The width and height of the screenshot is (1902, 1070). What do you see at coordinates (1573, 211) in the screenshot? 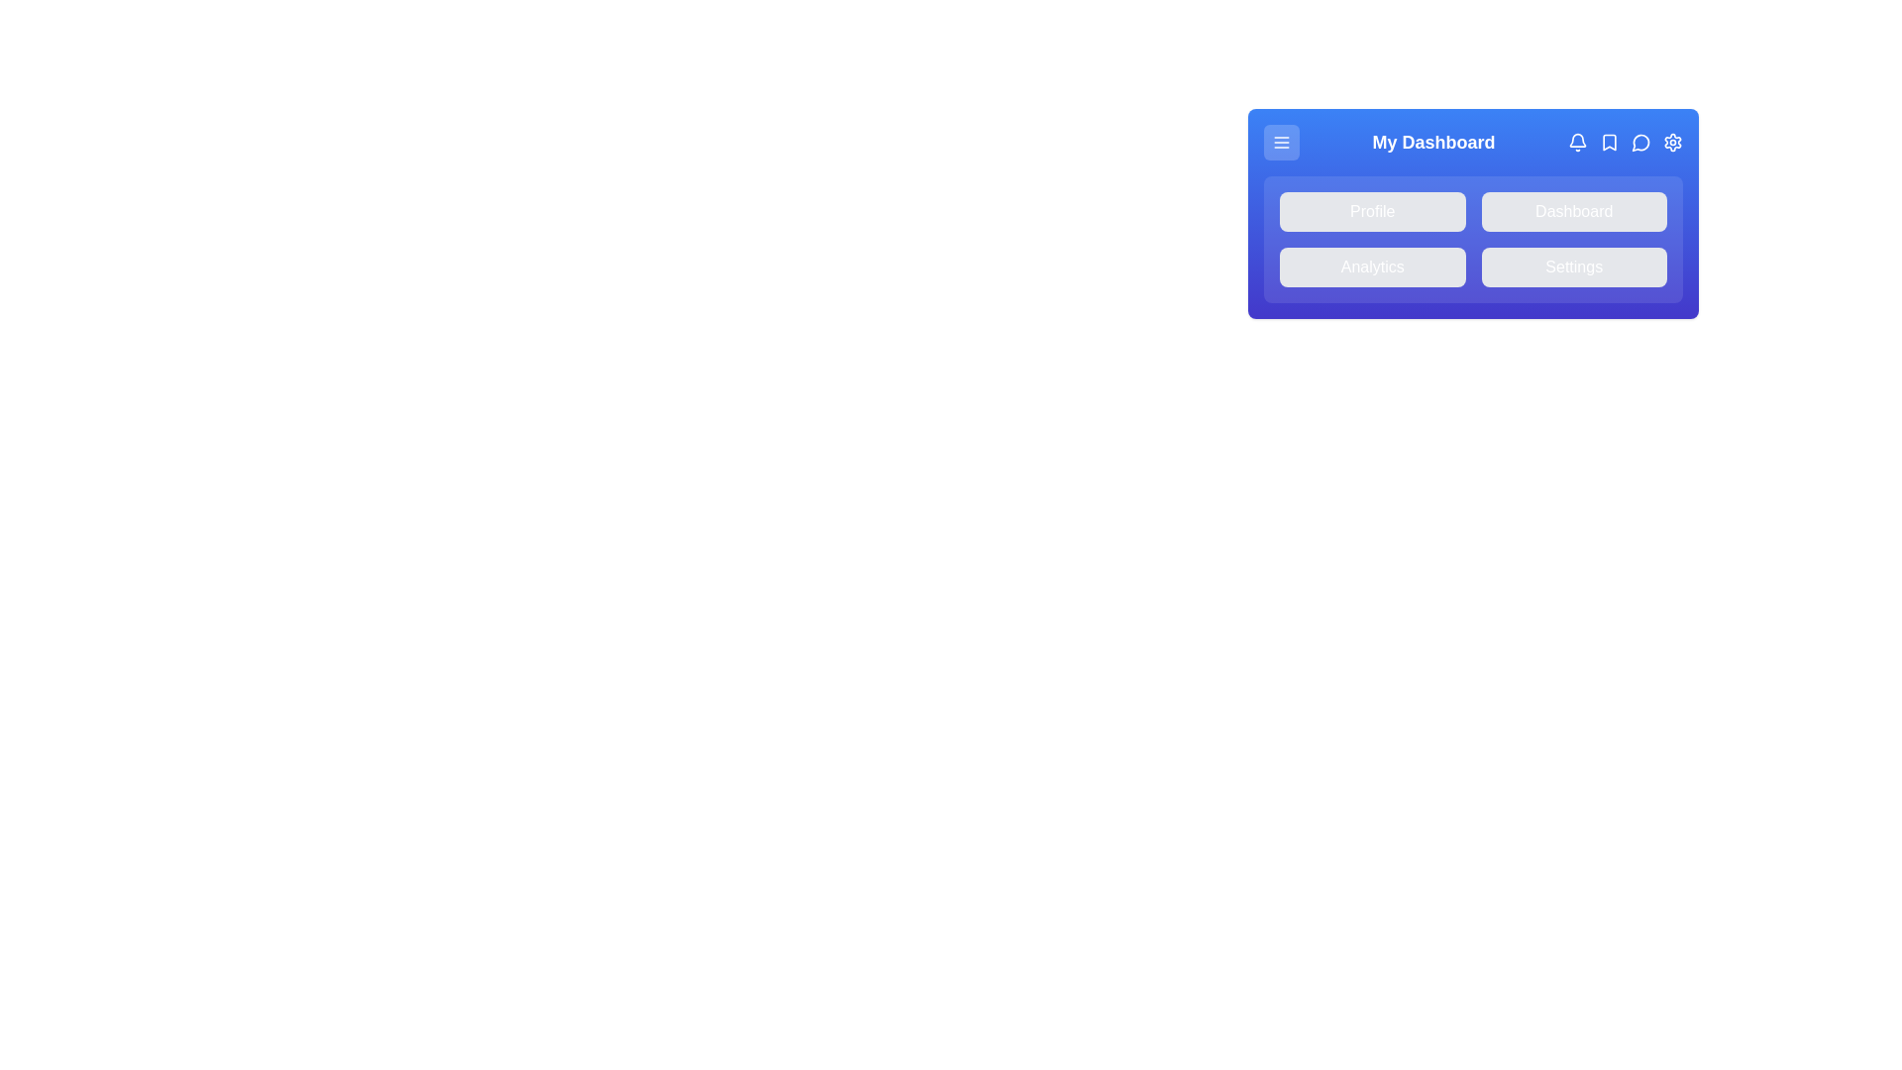
I see `the 'Dashboard' button in the menu` at bounding box center [1573, 211].